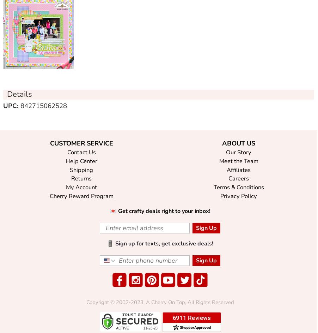 The height and width of the screenshot is (333, 318). Describe the element at coordinates (219, 161) in the screenshot. I see `'Meet the Team'` at that location.